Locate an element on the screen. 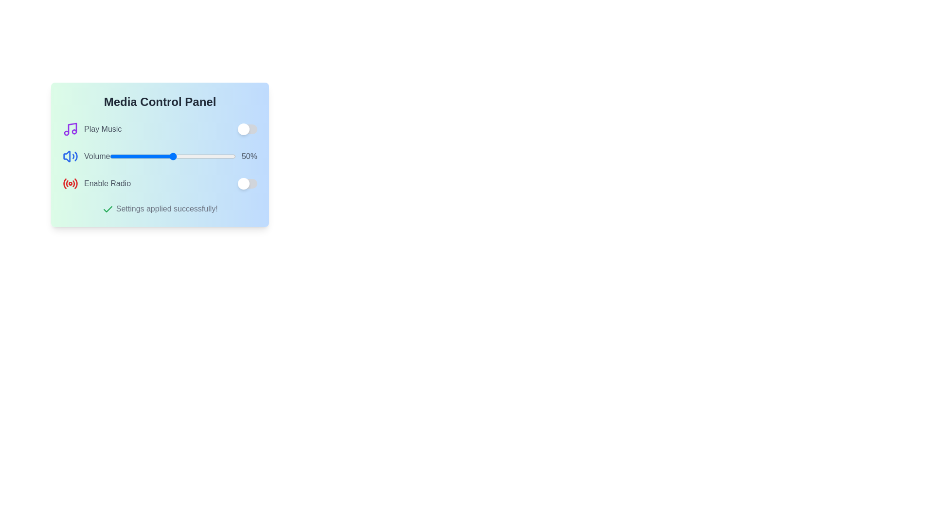  the volume slider is located at coordinates (213, 156).